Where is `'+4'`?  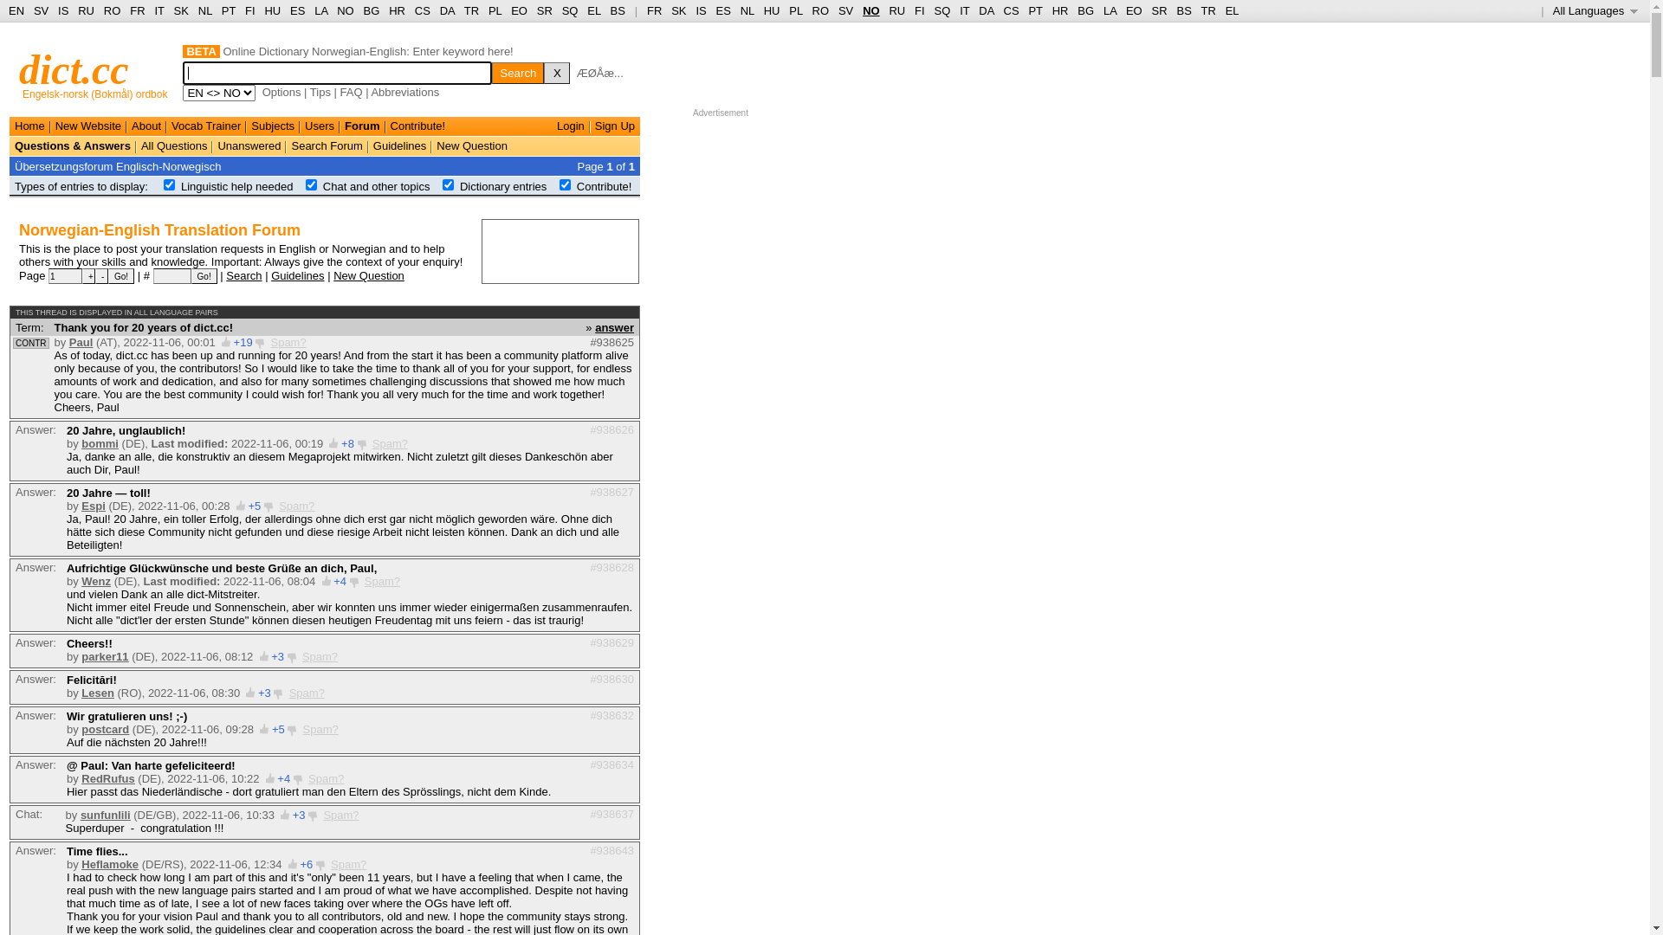 '+4' is located at coordinates (333, 581).